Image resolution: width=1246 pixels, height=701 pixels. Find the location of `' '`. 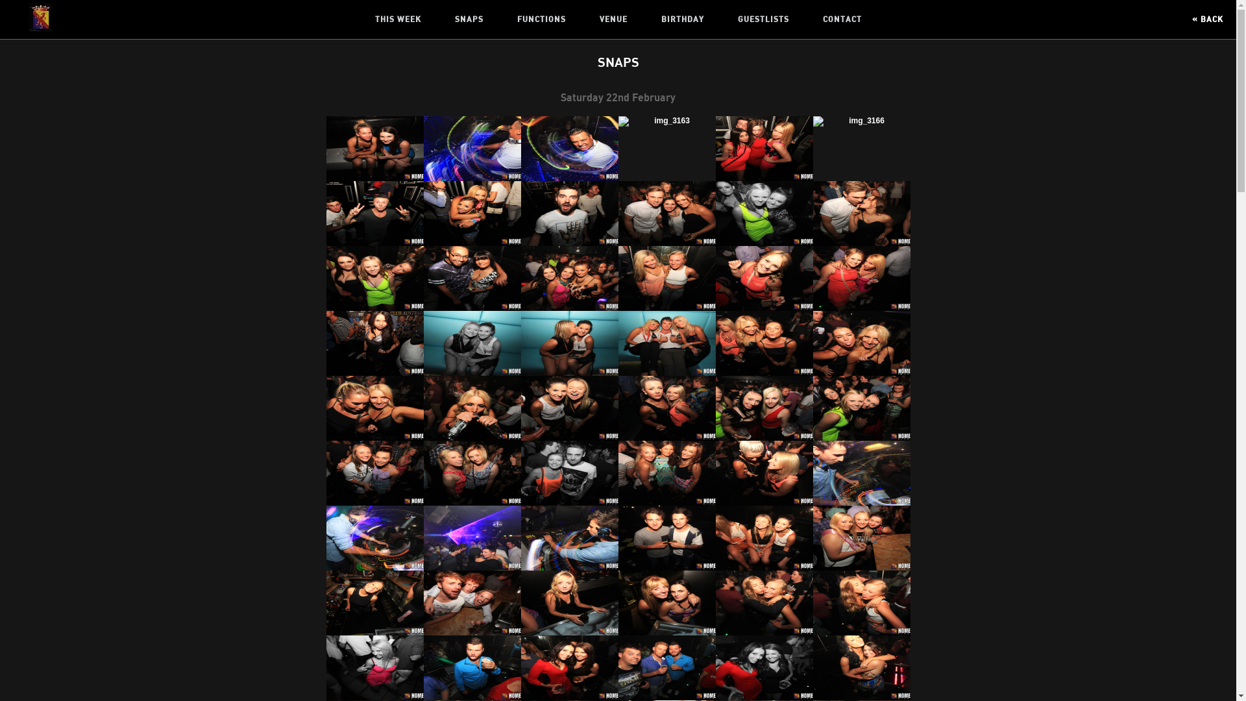

' ' is located at coordinates (470, 277).